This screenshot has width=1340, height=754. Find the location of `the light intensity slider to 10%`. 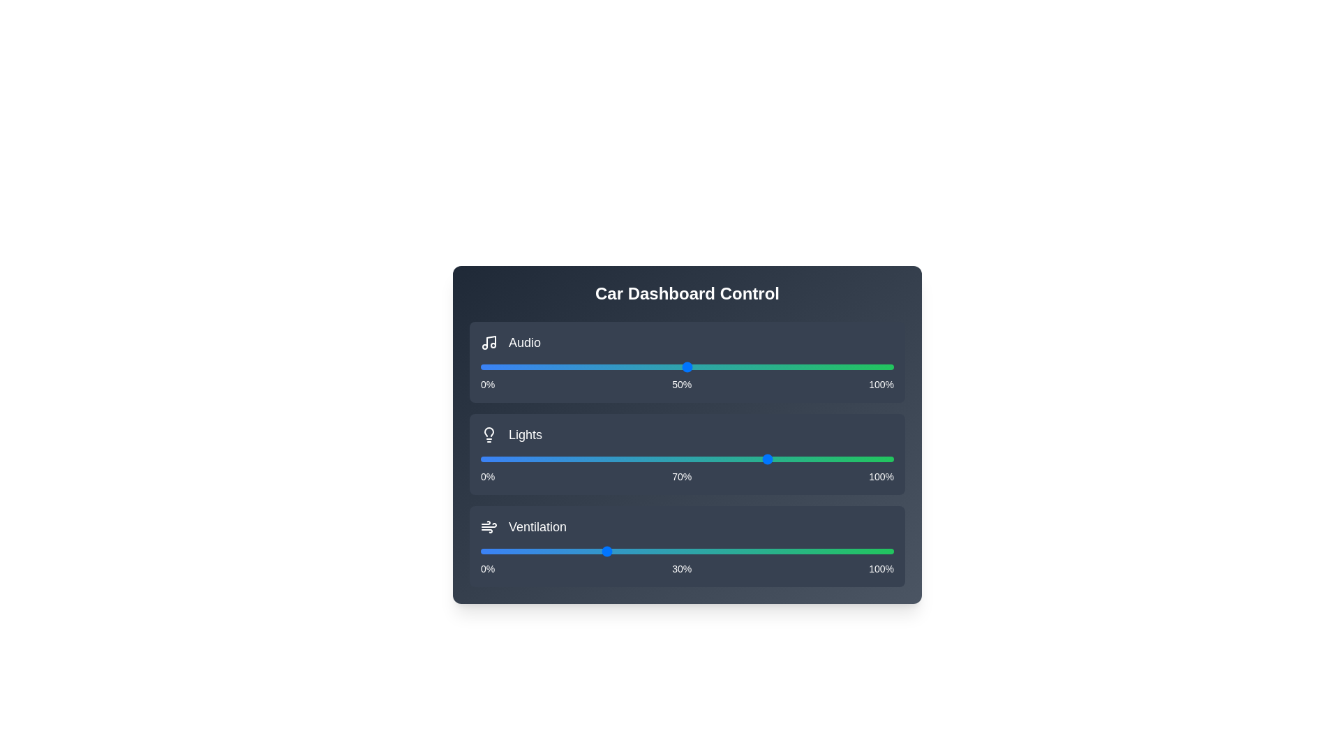

the light intensity slider to 10% is located at coordinates (521, 459).